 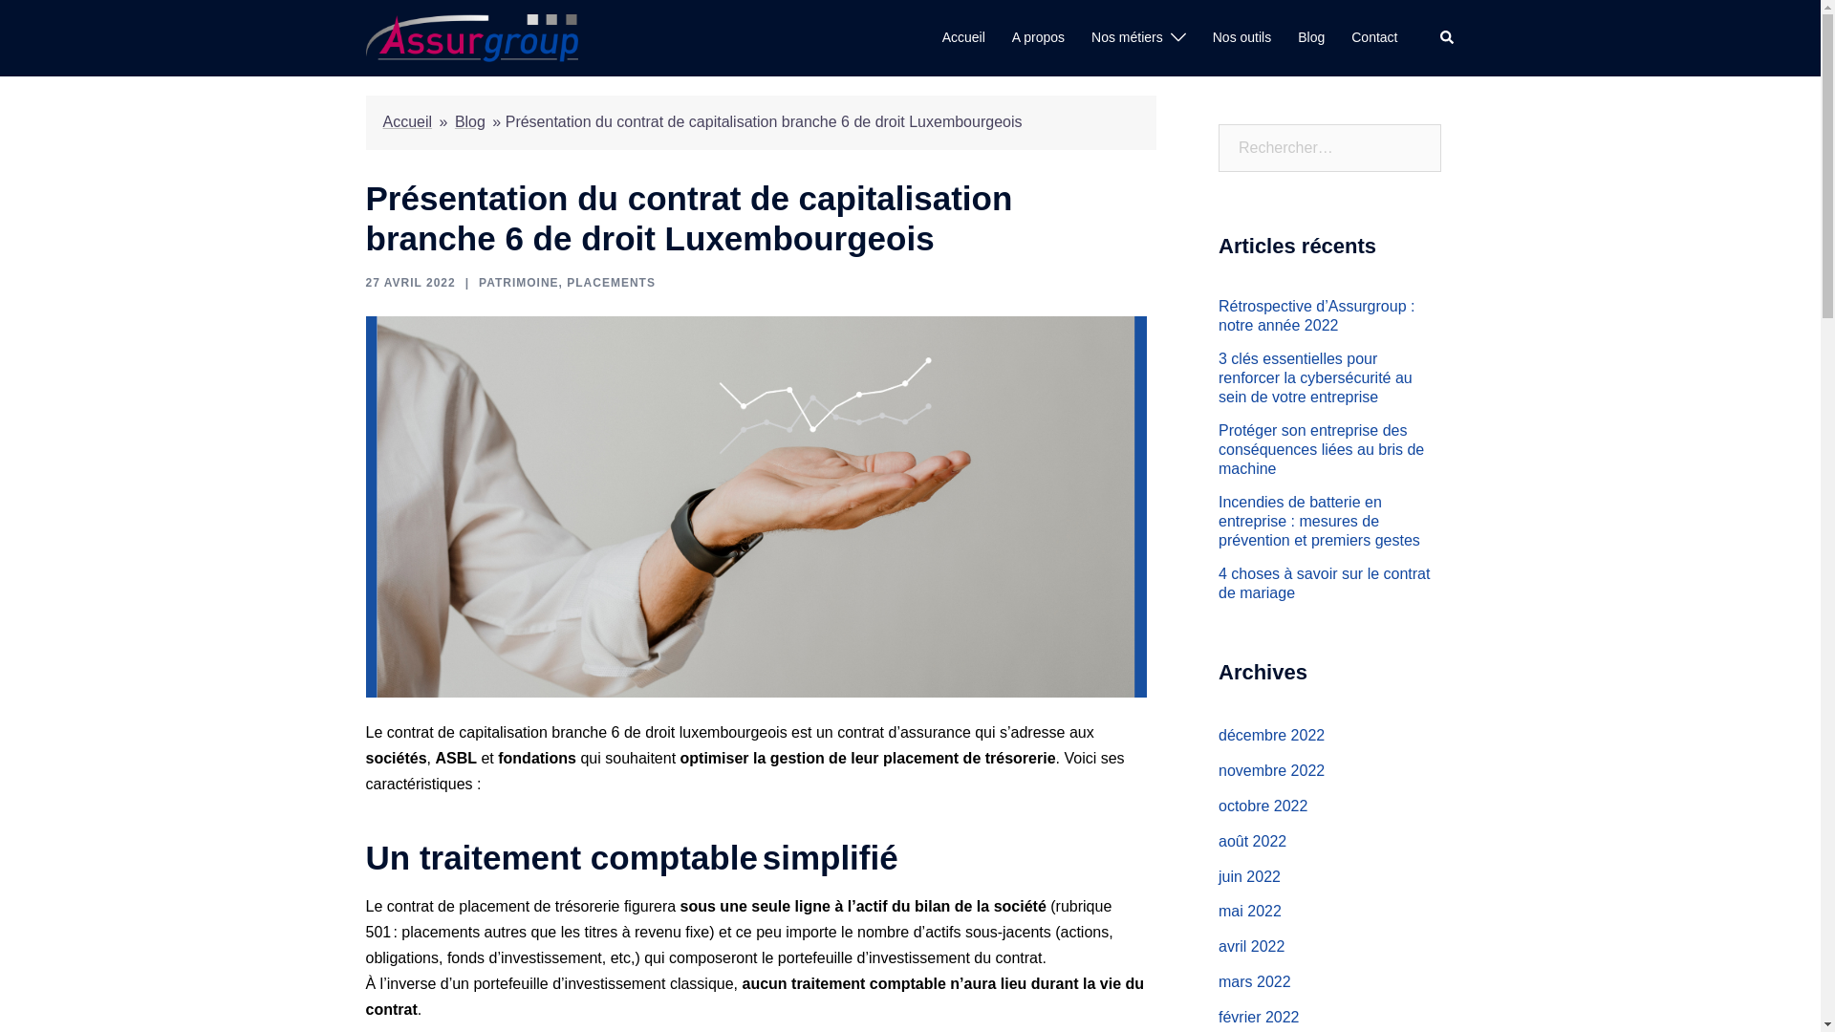 I want to click on 'Rechercher', so click(x=64, y=22).